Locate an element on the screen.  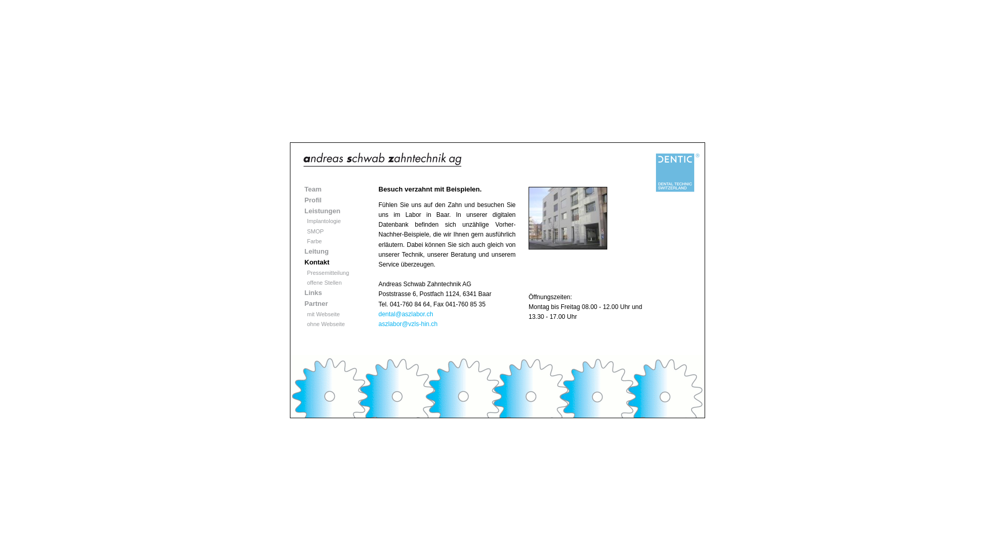
'Farbe' is located at coordinates (314, 241).